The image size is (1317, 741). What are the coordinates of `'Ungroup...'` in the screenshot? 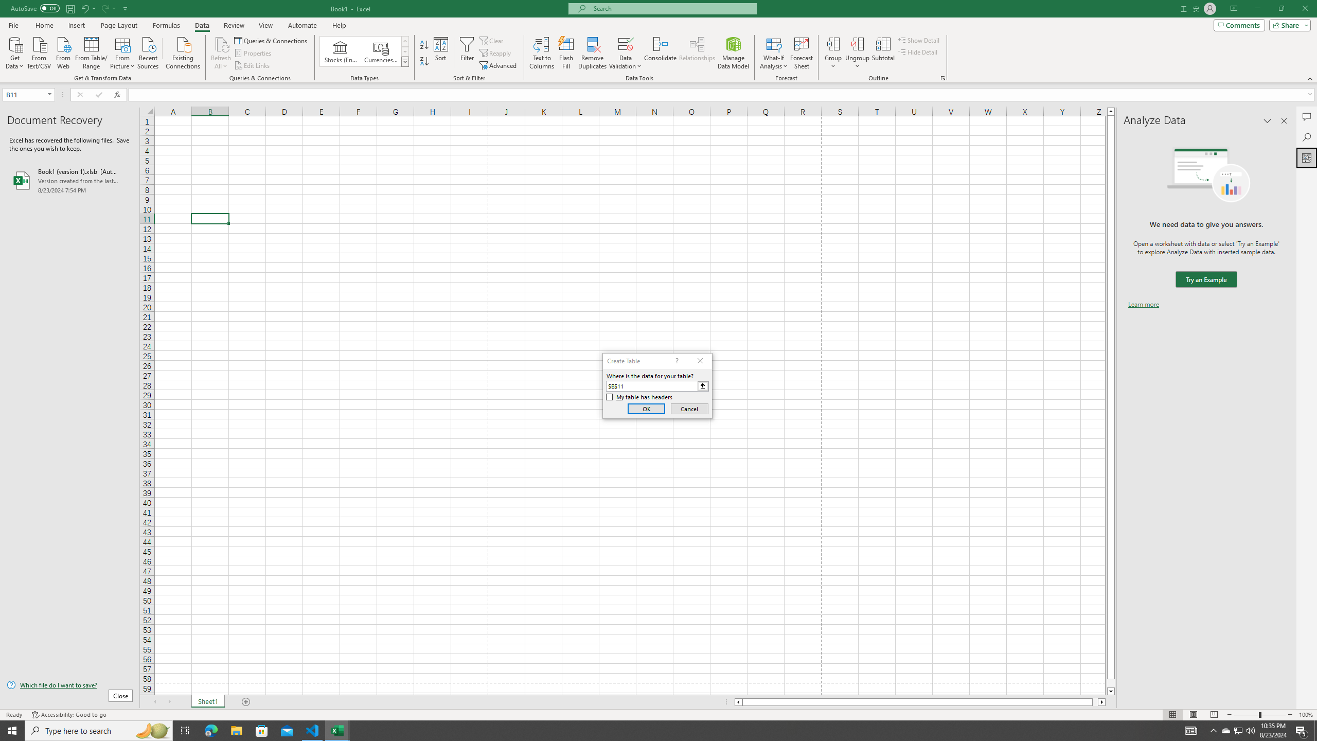 It's located at (857, 43).